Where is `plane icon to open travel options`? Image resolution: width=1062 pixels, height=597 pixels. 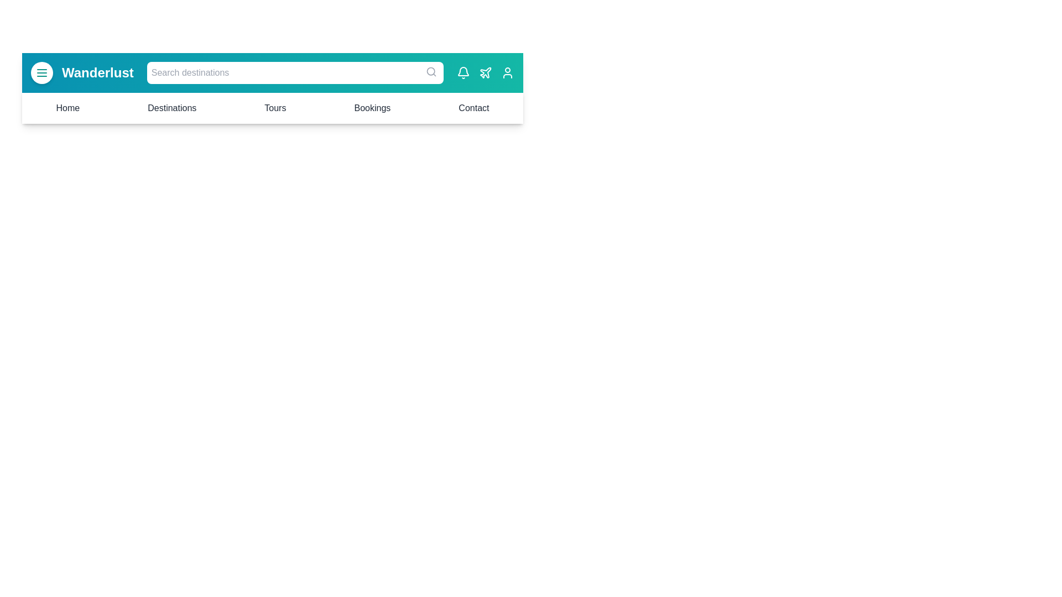 plane icon to open travel options is located at coordinates (486, 72).